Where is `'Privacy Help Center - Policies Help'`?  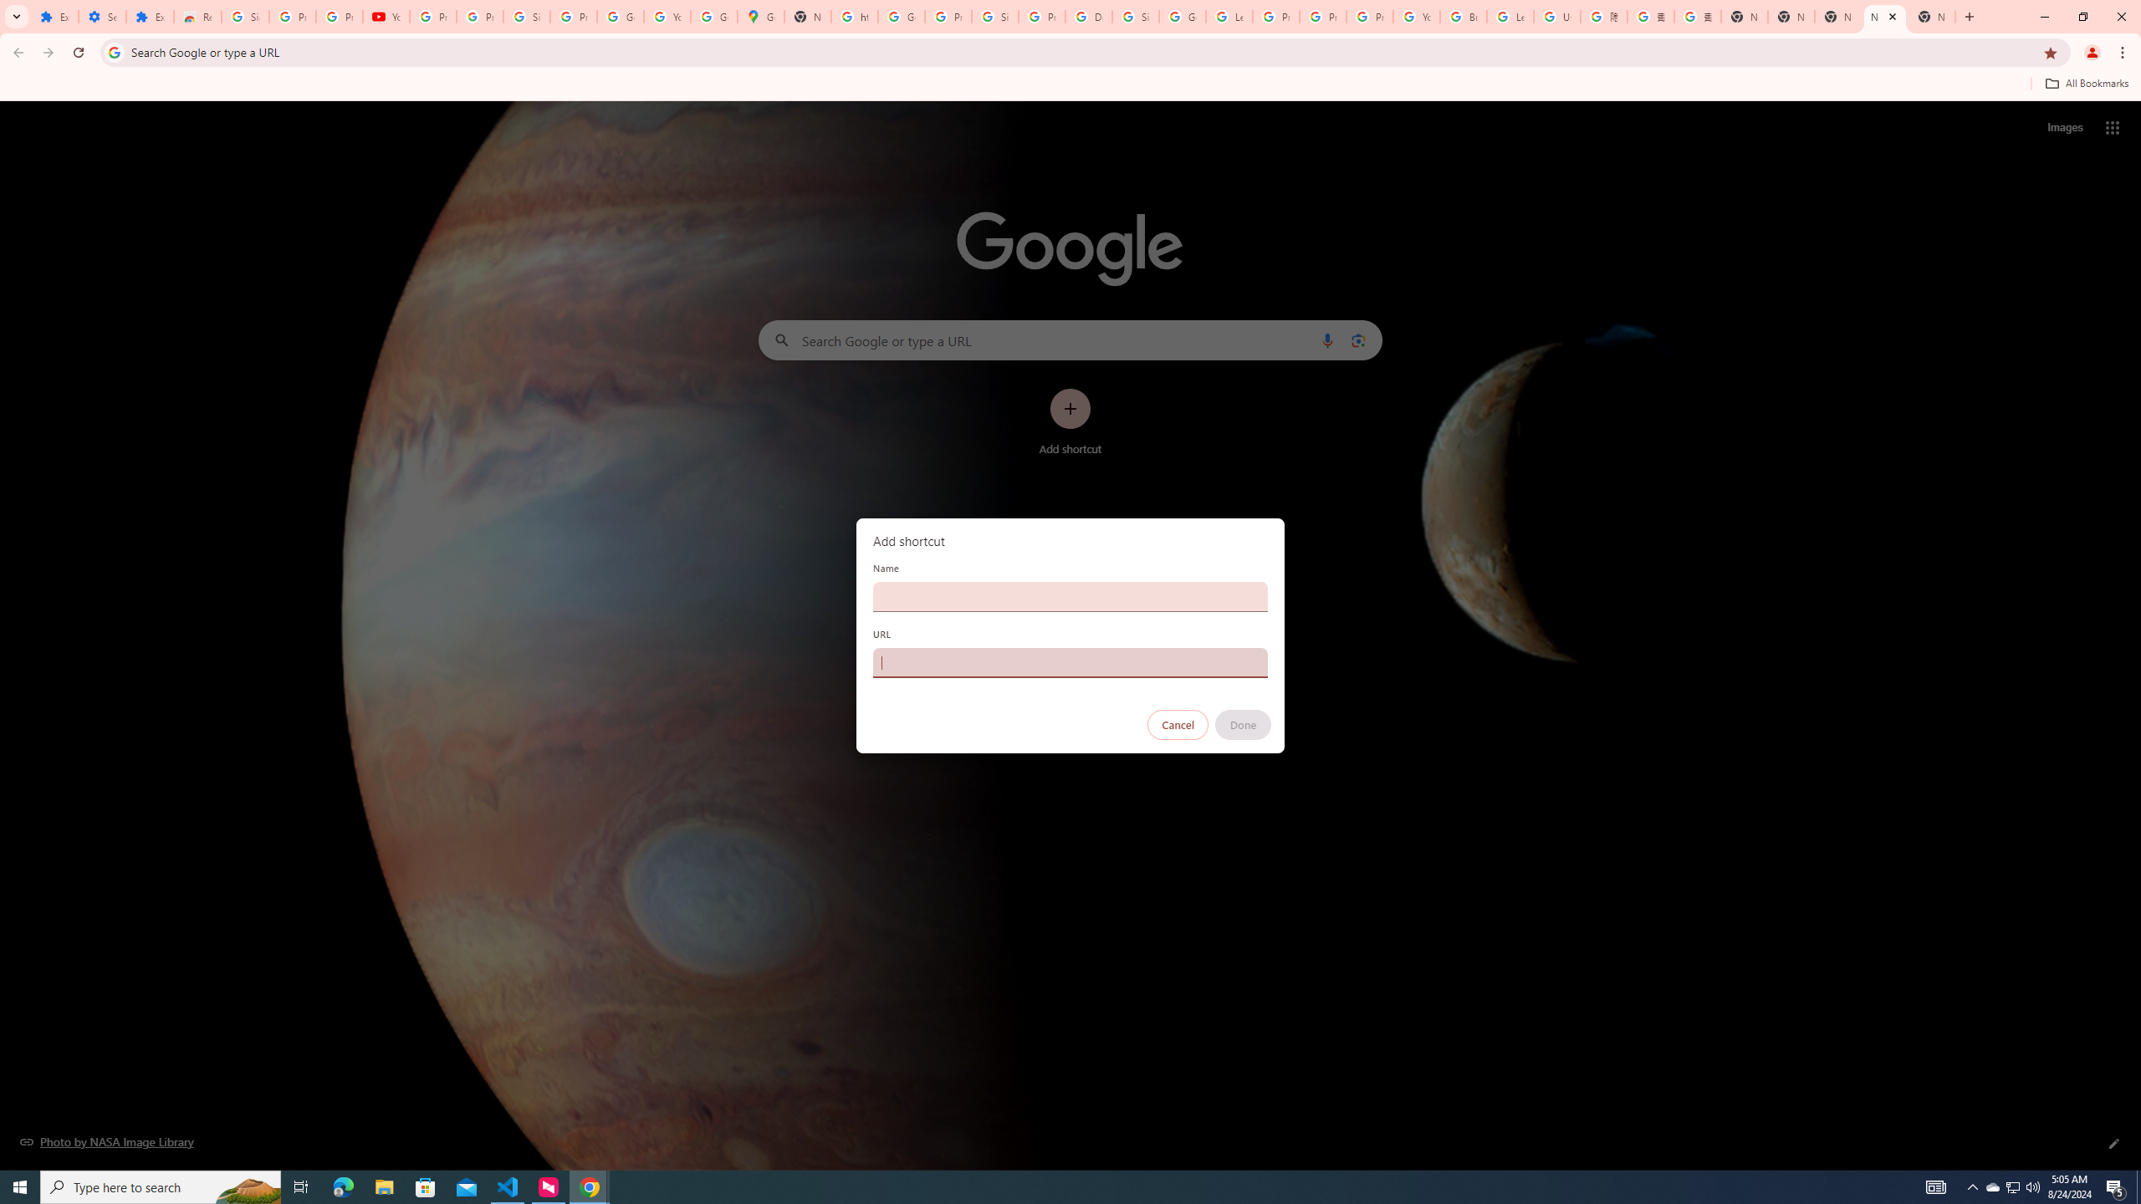
'Privacy Help Center - Policies Help' is located at coordinates (1276, 16).